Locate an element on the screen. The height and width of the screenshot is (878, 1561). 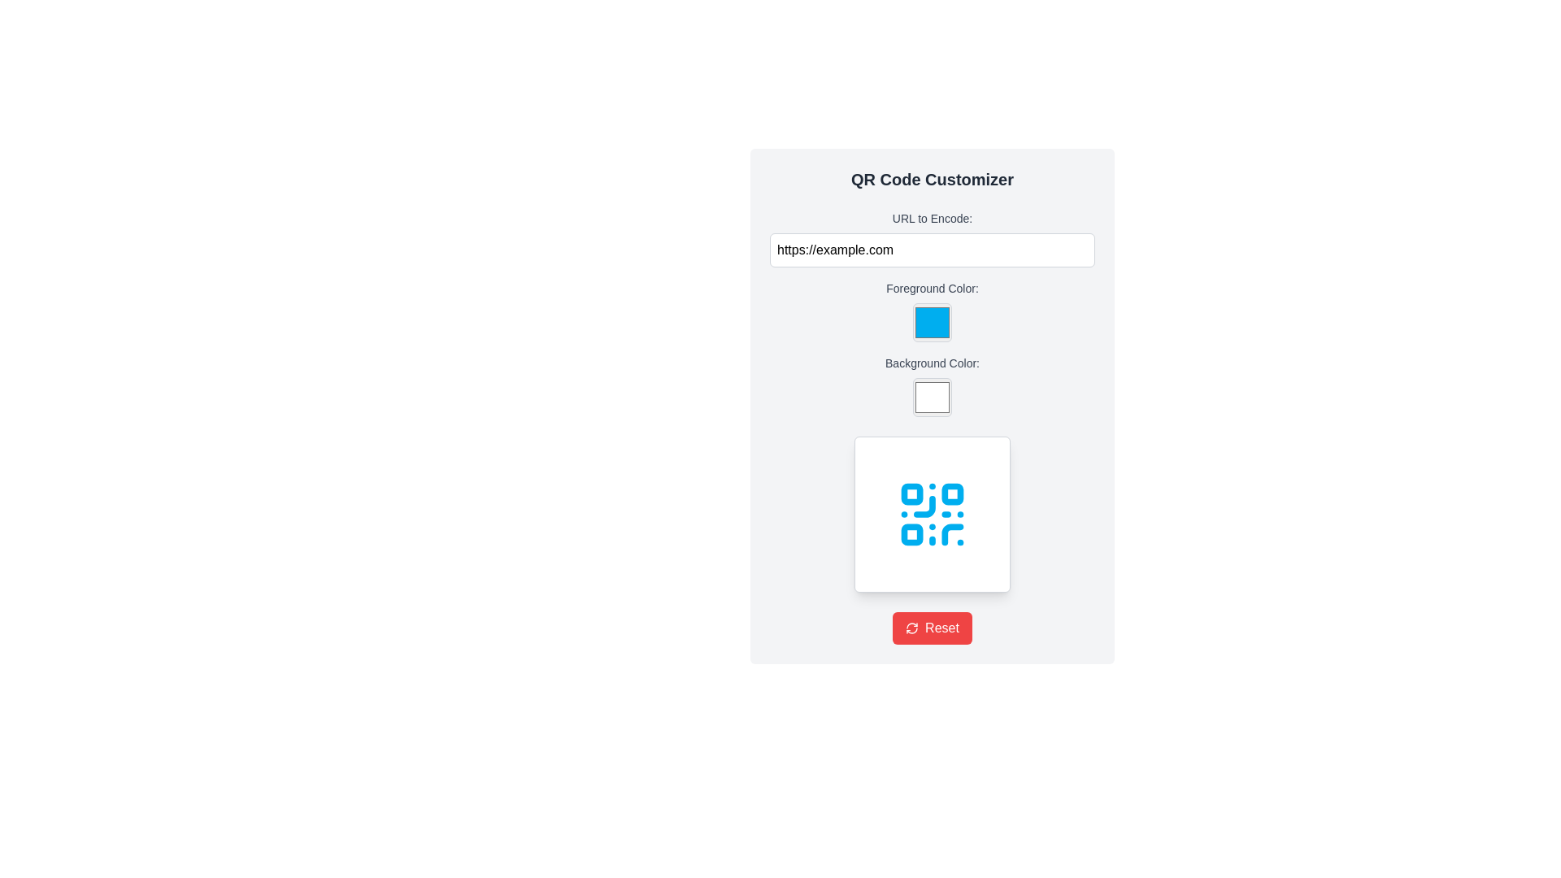
the Color input box with rounded corners and a light gray border is located at coordinates (933, 323).